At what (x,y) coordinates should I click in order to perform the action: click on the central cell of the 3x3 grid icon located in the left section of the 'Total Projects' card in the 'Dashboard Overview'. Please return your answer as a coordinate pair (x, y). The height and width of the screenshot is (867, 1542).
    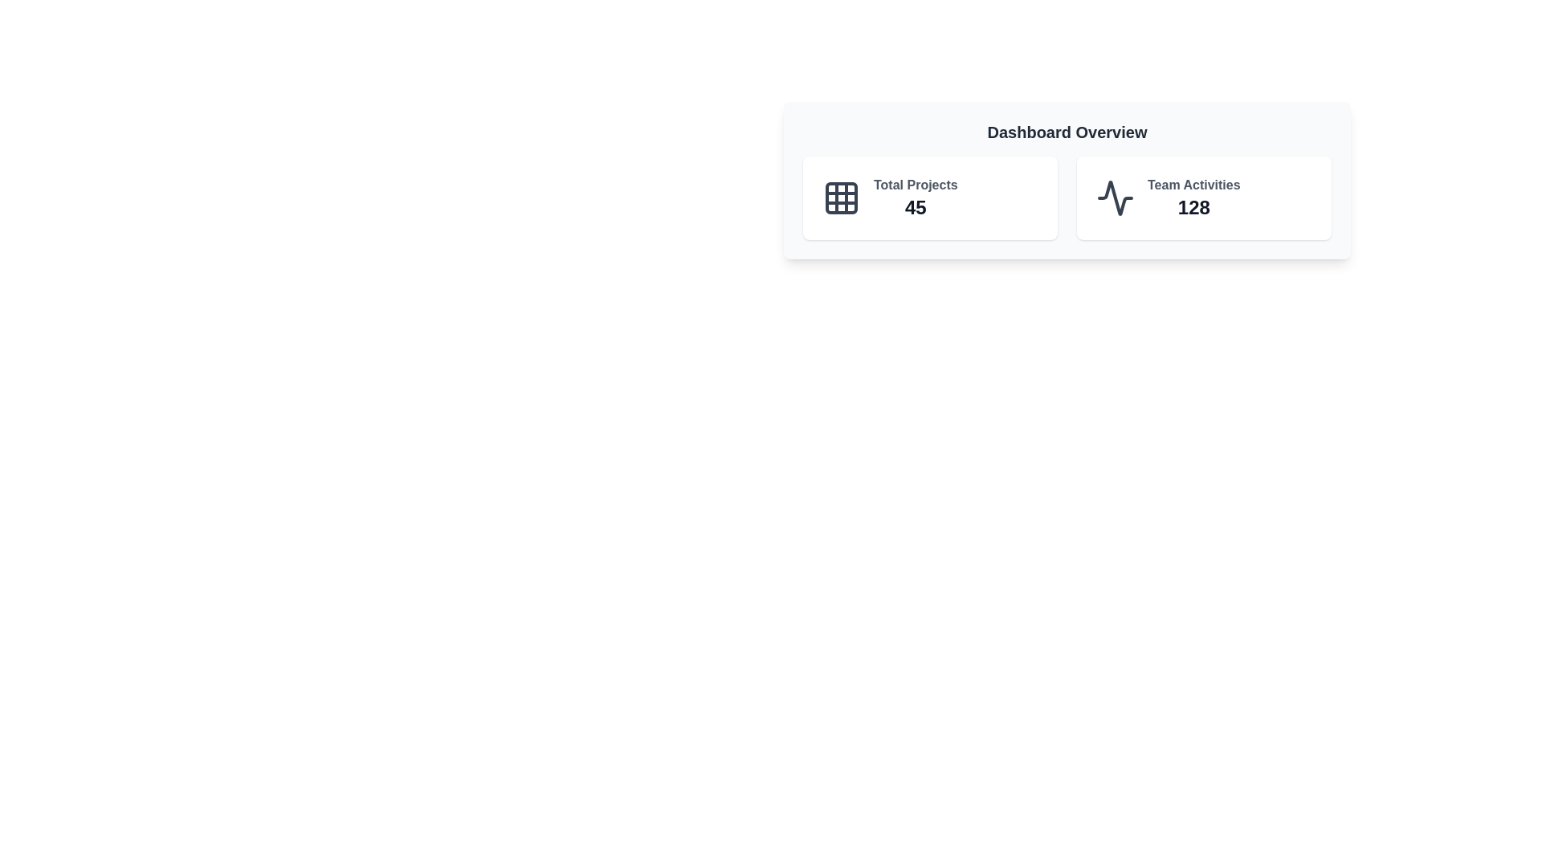
    Looking at the image, I should click on (840, 197).